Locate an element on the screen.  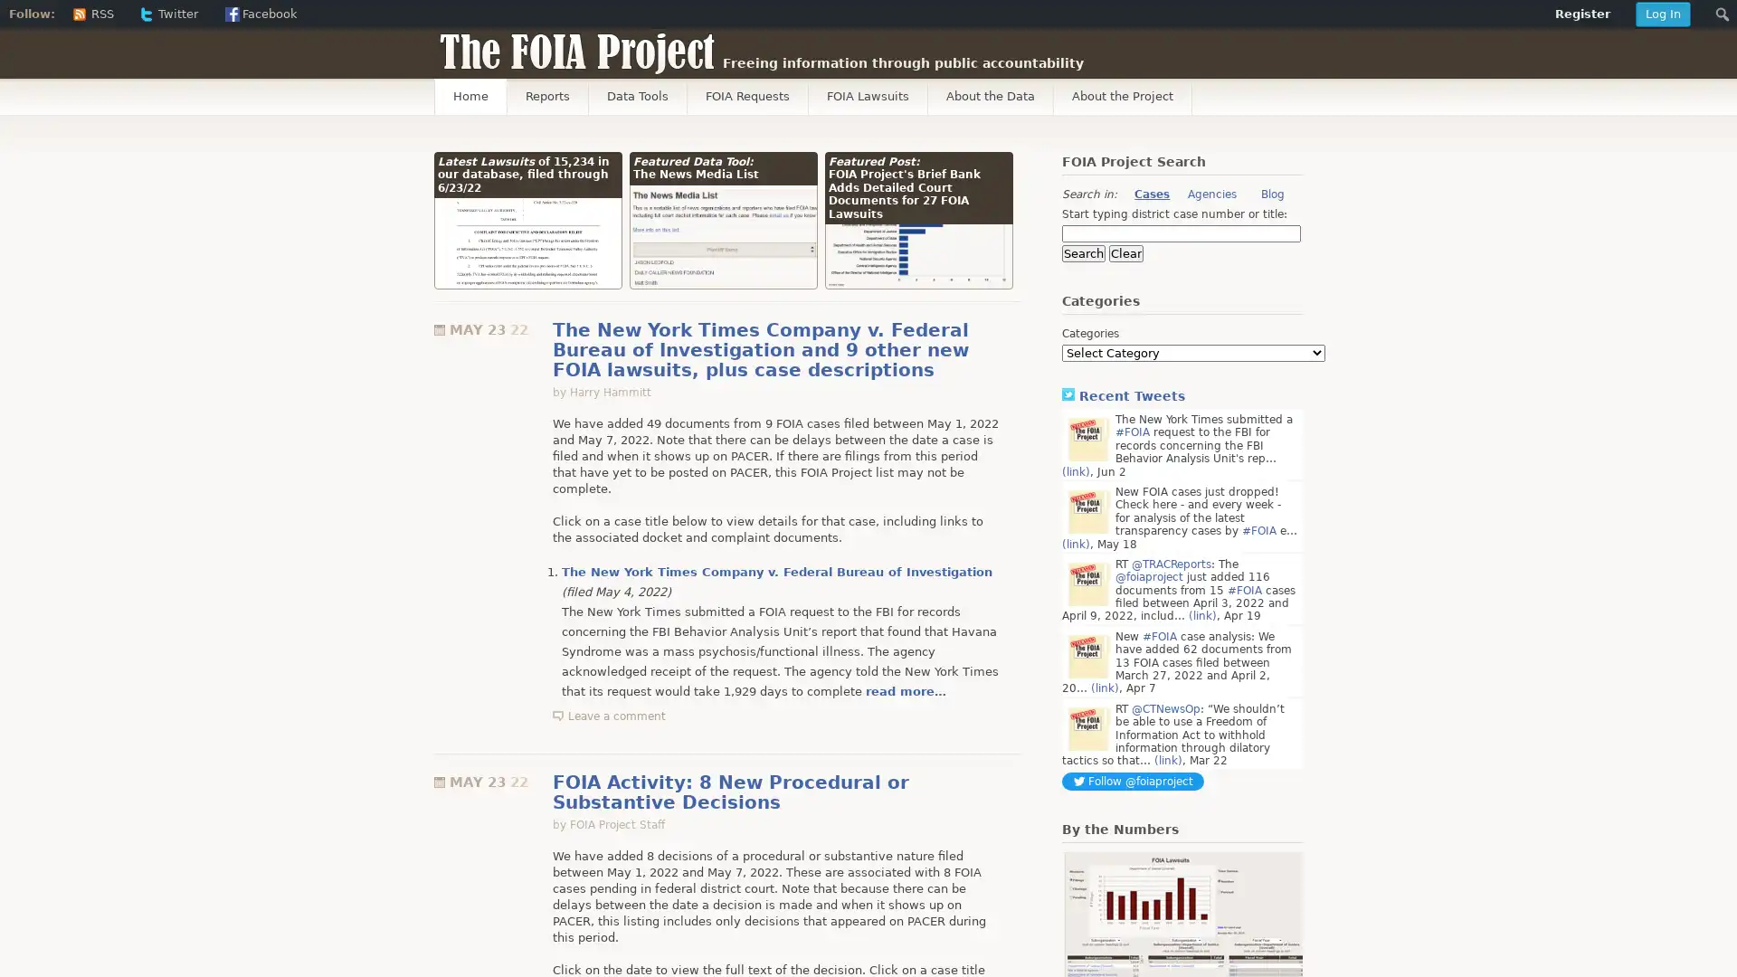
Search is located at coordinates (1084, 253).